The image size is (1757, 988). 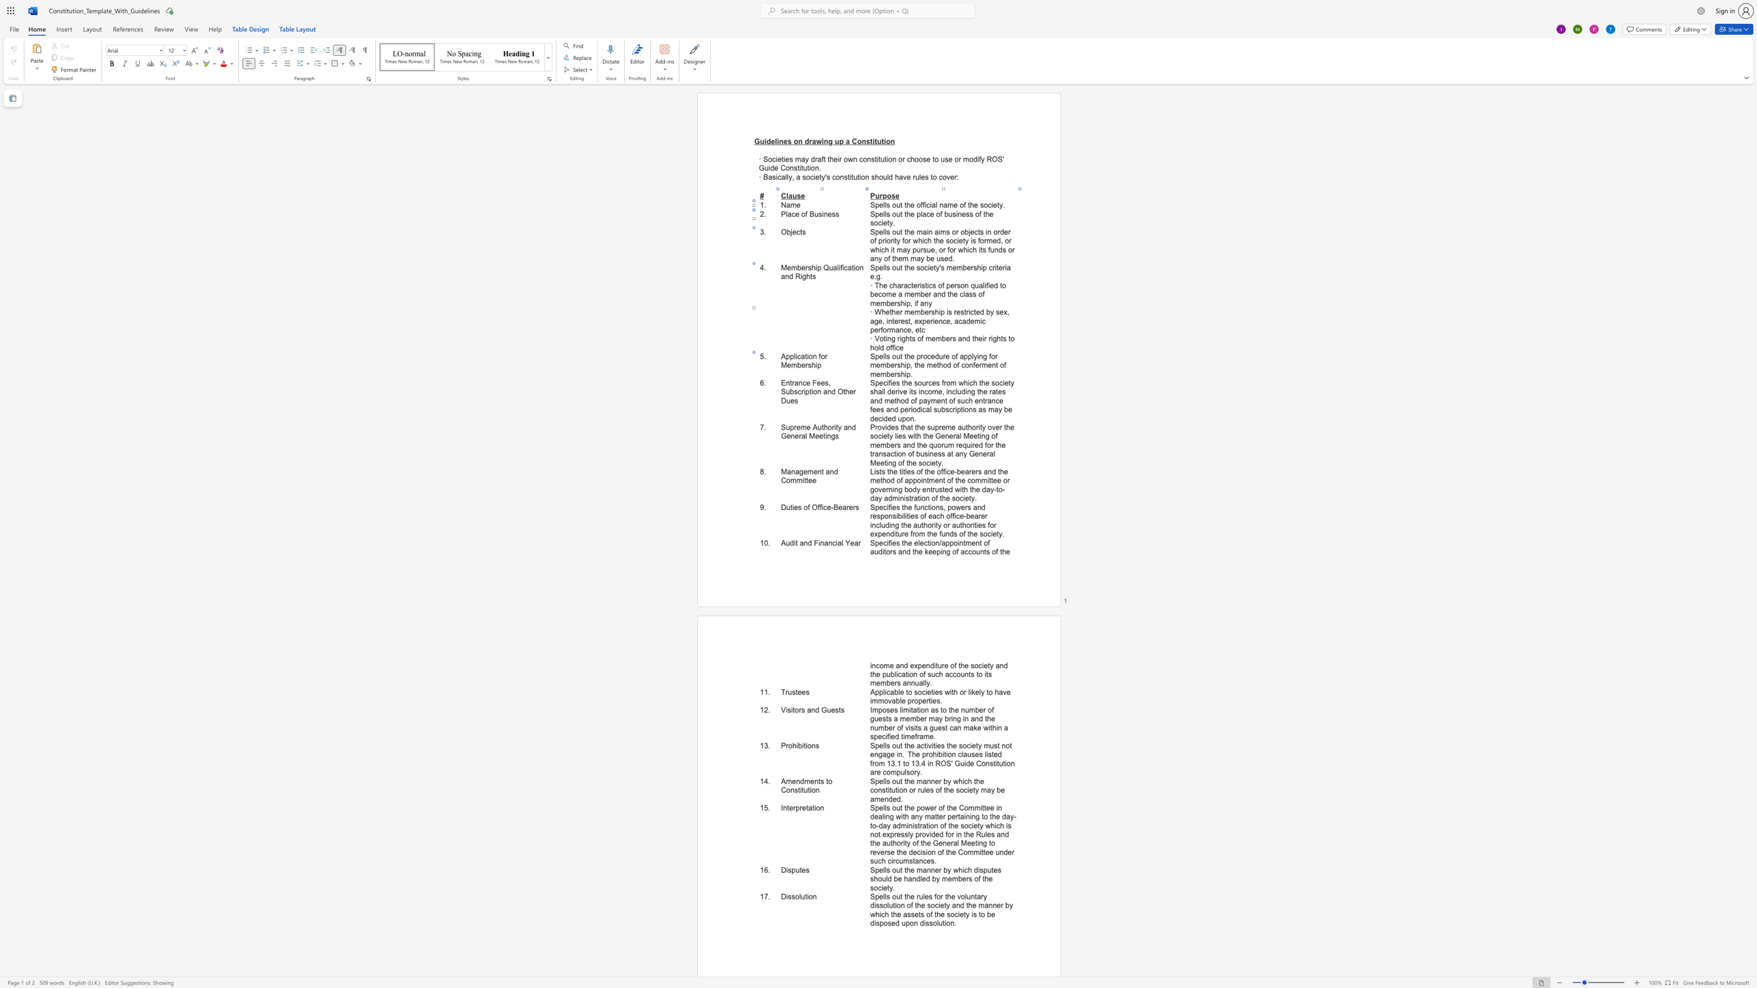 What do you see at coordinates (987, 383) in the screenshot?
I see `the 5th character "e" in the text` at bounding box center [987, 383].